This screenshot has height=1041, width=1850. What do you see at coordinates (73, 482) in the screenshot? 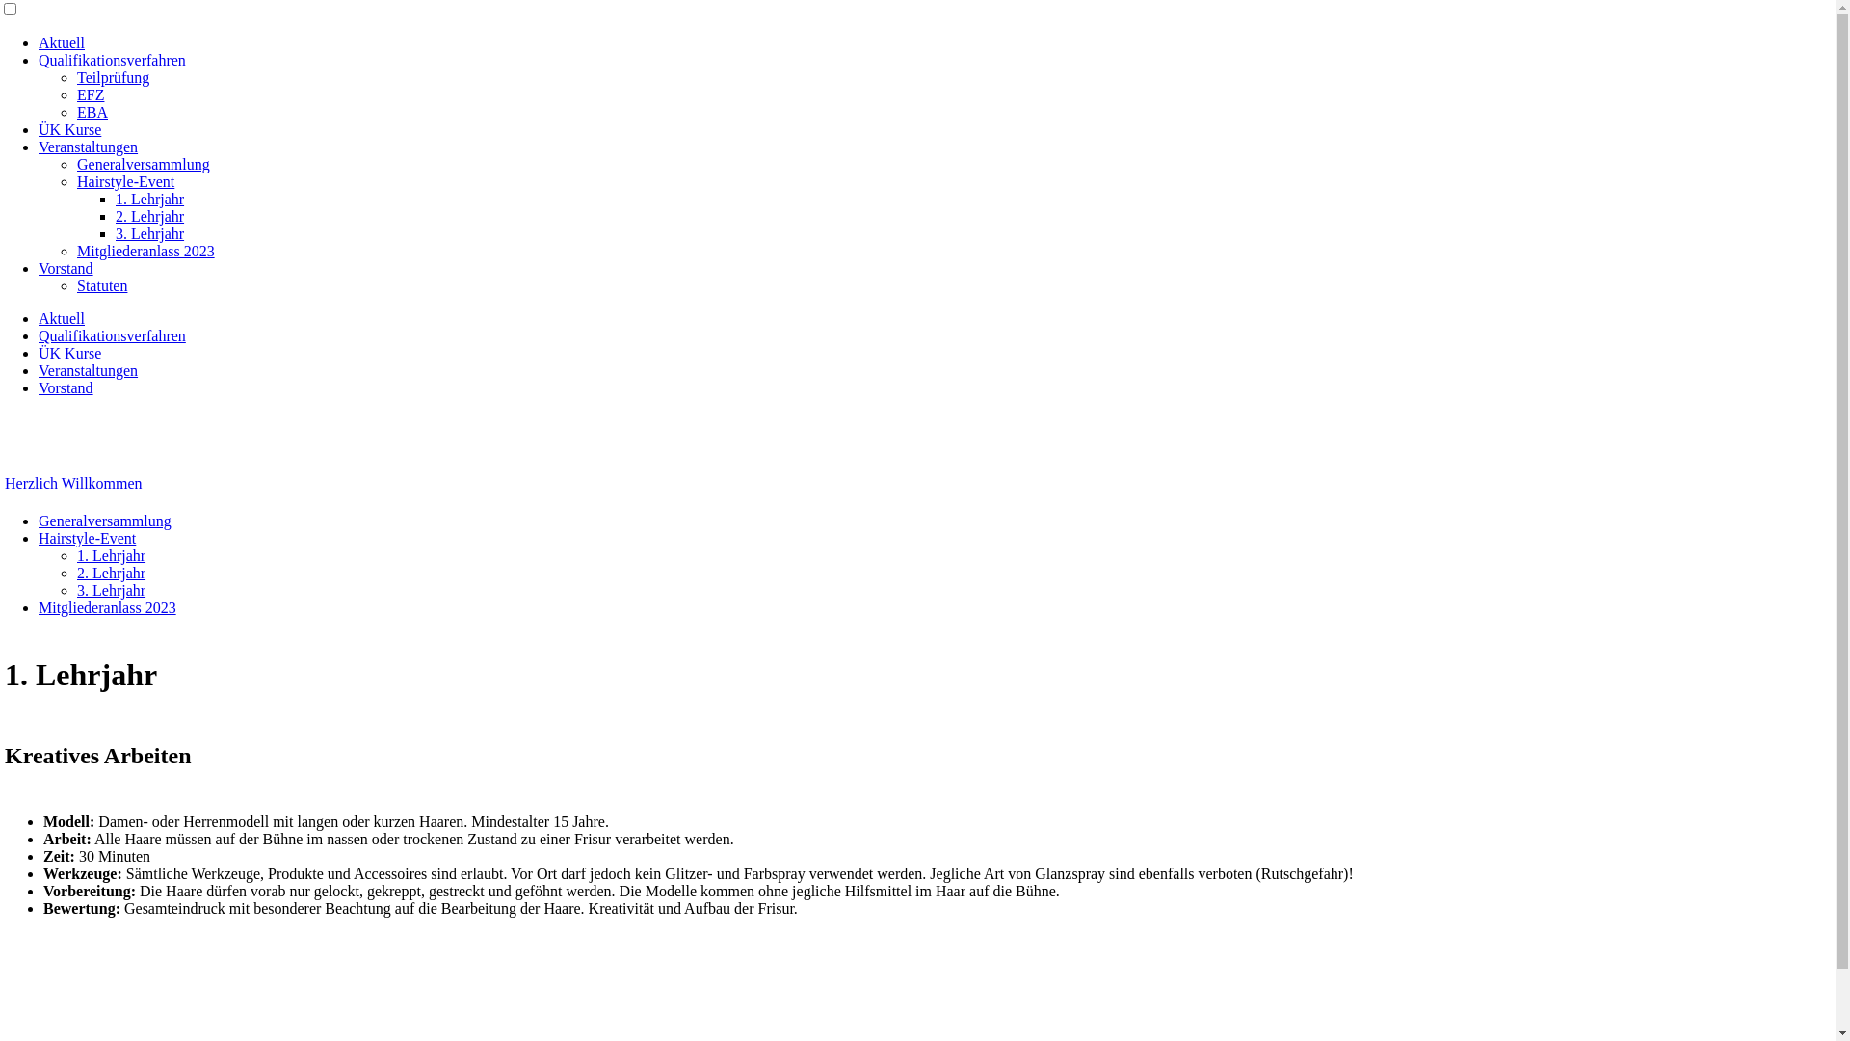
I see `'Herzlich Willkommen'` at bounding box center [73, 482].